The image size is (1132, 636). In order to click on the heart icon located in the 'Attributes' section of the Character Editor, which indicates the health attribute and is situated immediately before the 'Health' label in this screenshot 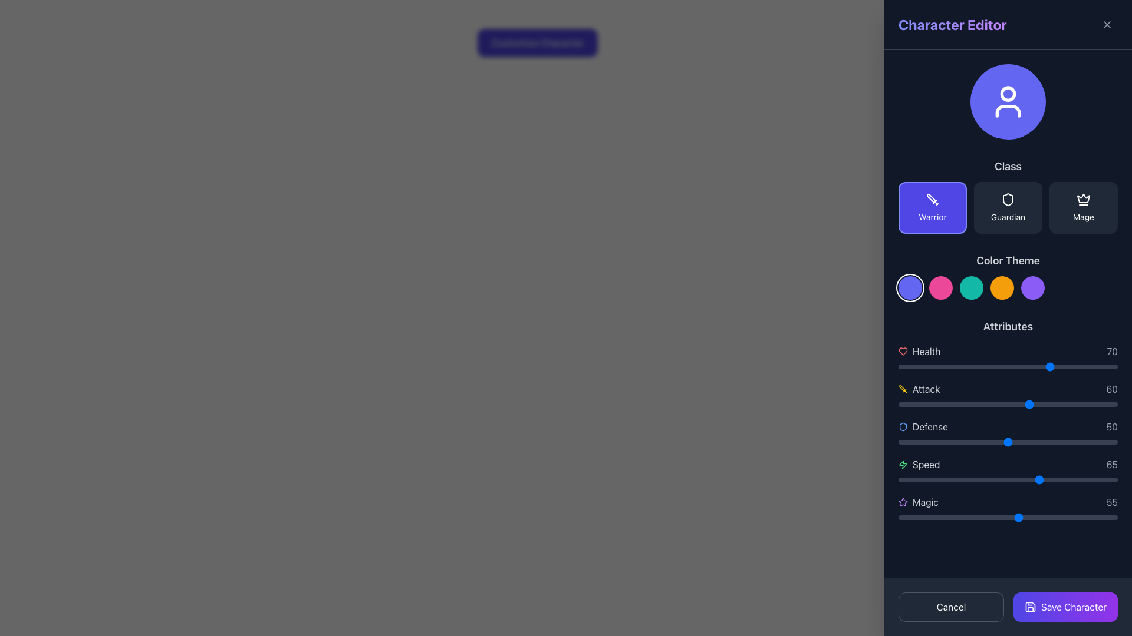, I will do `click(902, 351)`.